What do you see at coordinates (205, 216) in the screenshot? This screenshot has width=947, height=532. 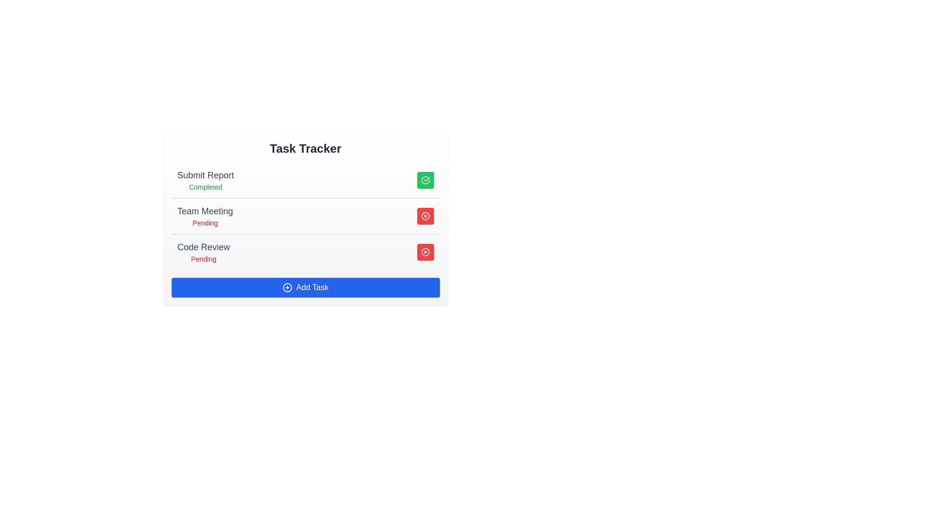 I see `text information displayed for the task named 'Team Meeting' which is pending, located between 'Submit Report' and 'Code Review' in the vertical list` at bounding box center [205, 216].